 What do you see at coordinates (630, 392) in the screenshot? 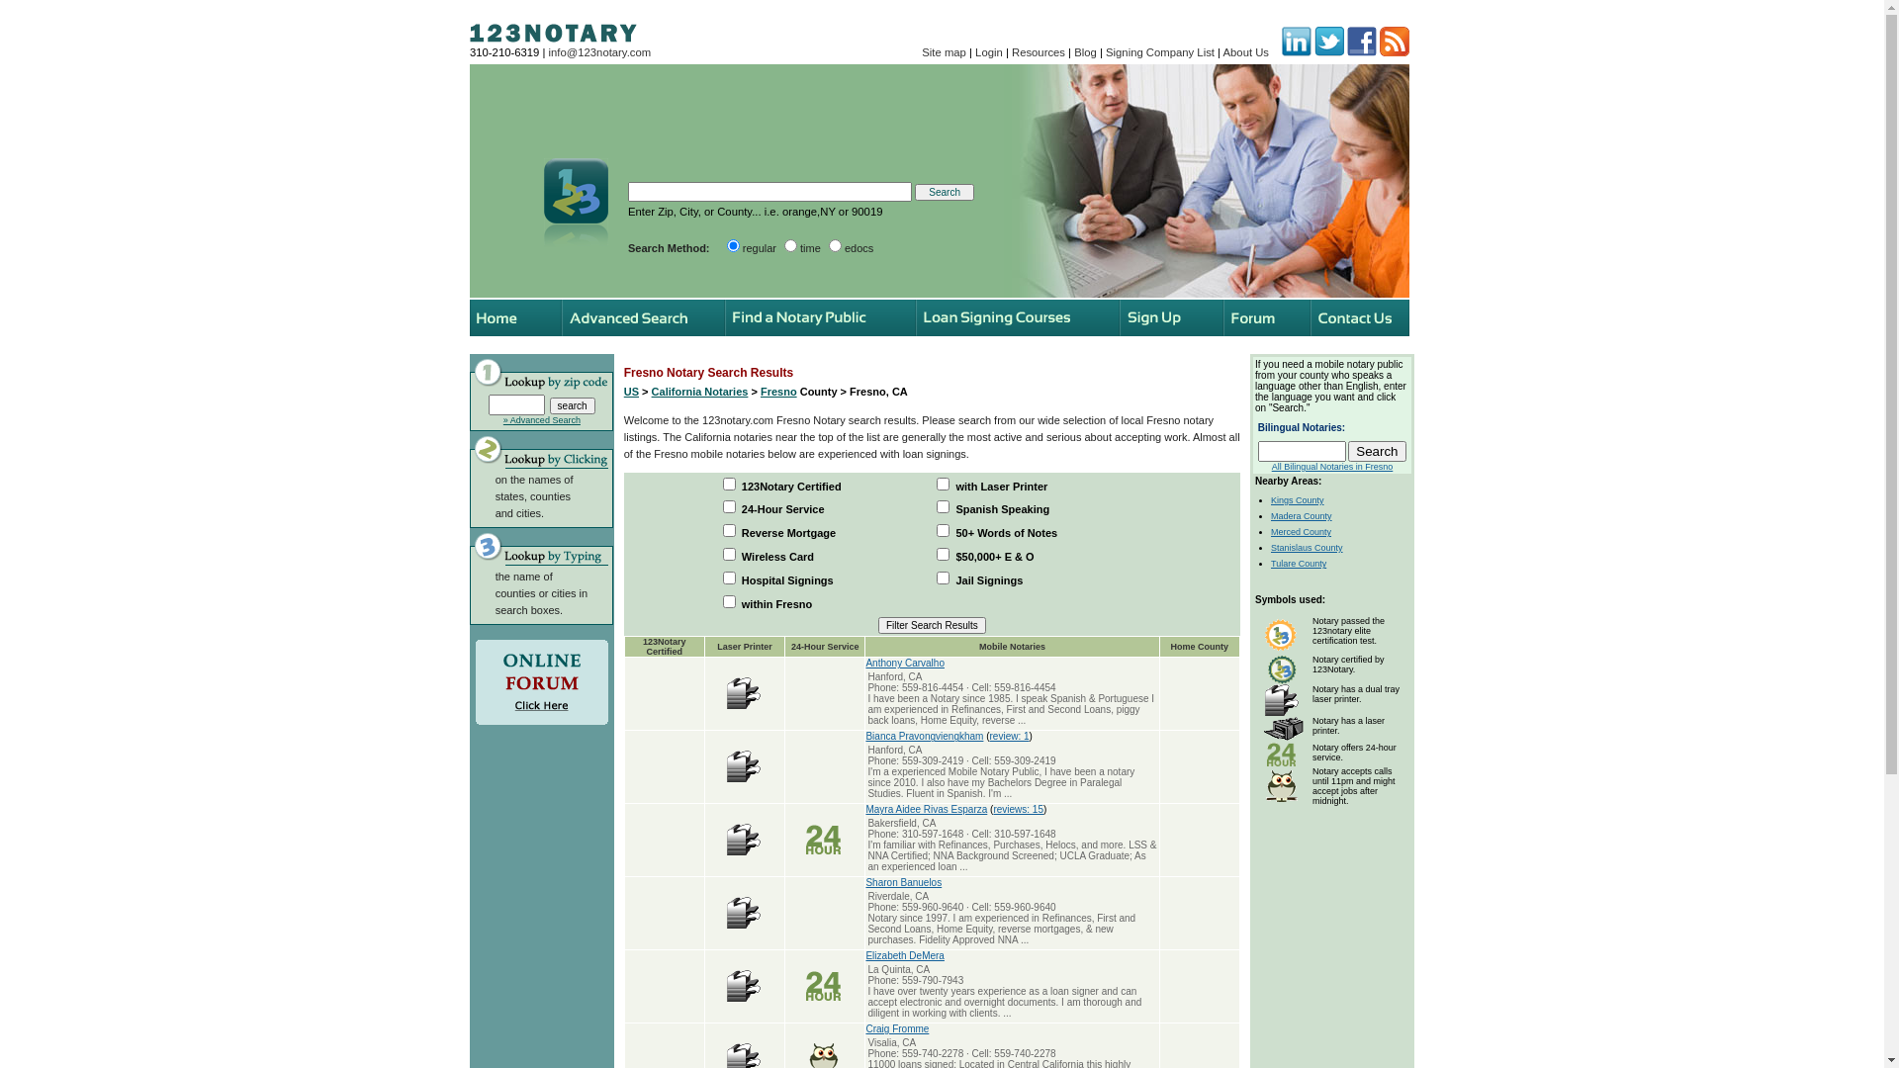
I see `'US'` at bounding box center [630, 392].